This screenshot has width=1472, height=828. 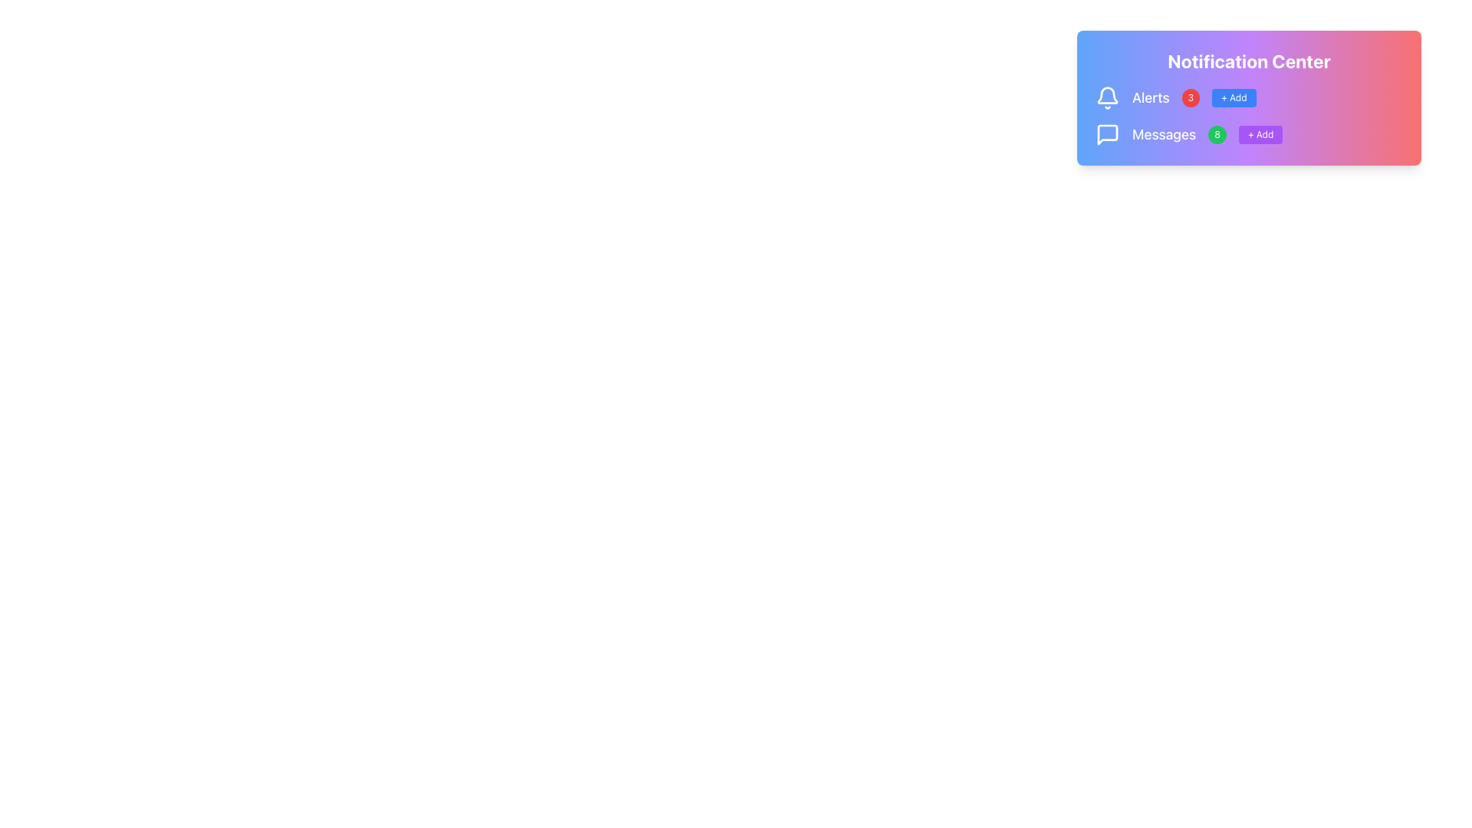 What do you see at coordinates (1260, 134) in the screenshot?
I see `the '+ Add' button with a purple background located in the 'Messages' section of the 'Notification Center' interface` at bounding box center [1260, 134].